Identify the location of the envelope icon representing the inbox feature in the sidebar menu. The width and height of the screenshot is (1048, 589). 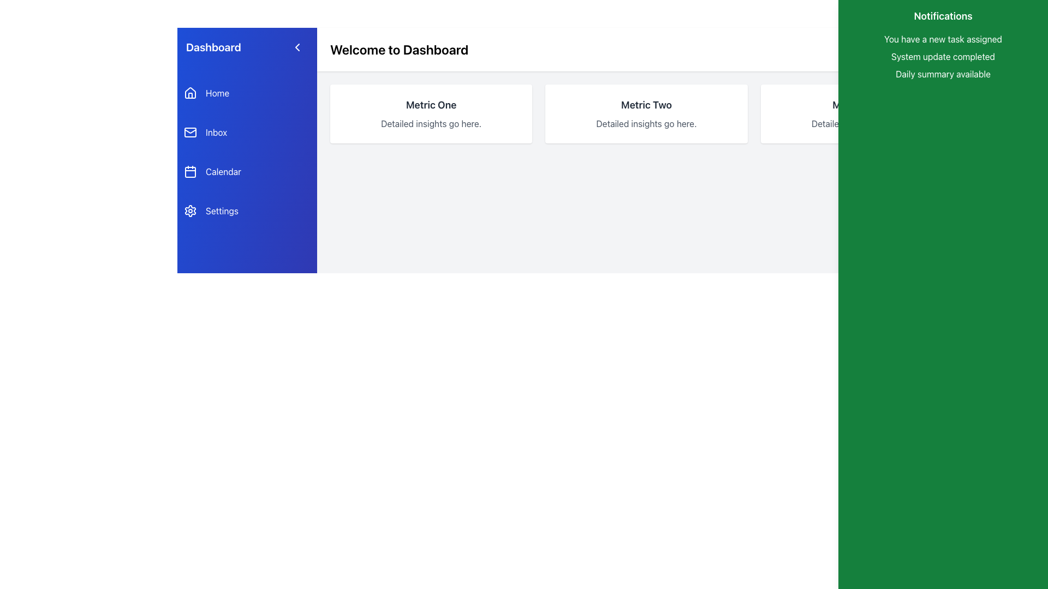
(190, 132).